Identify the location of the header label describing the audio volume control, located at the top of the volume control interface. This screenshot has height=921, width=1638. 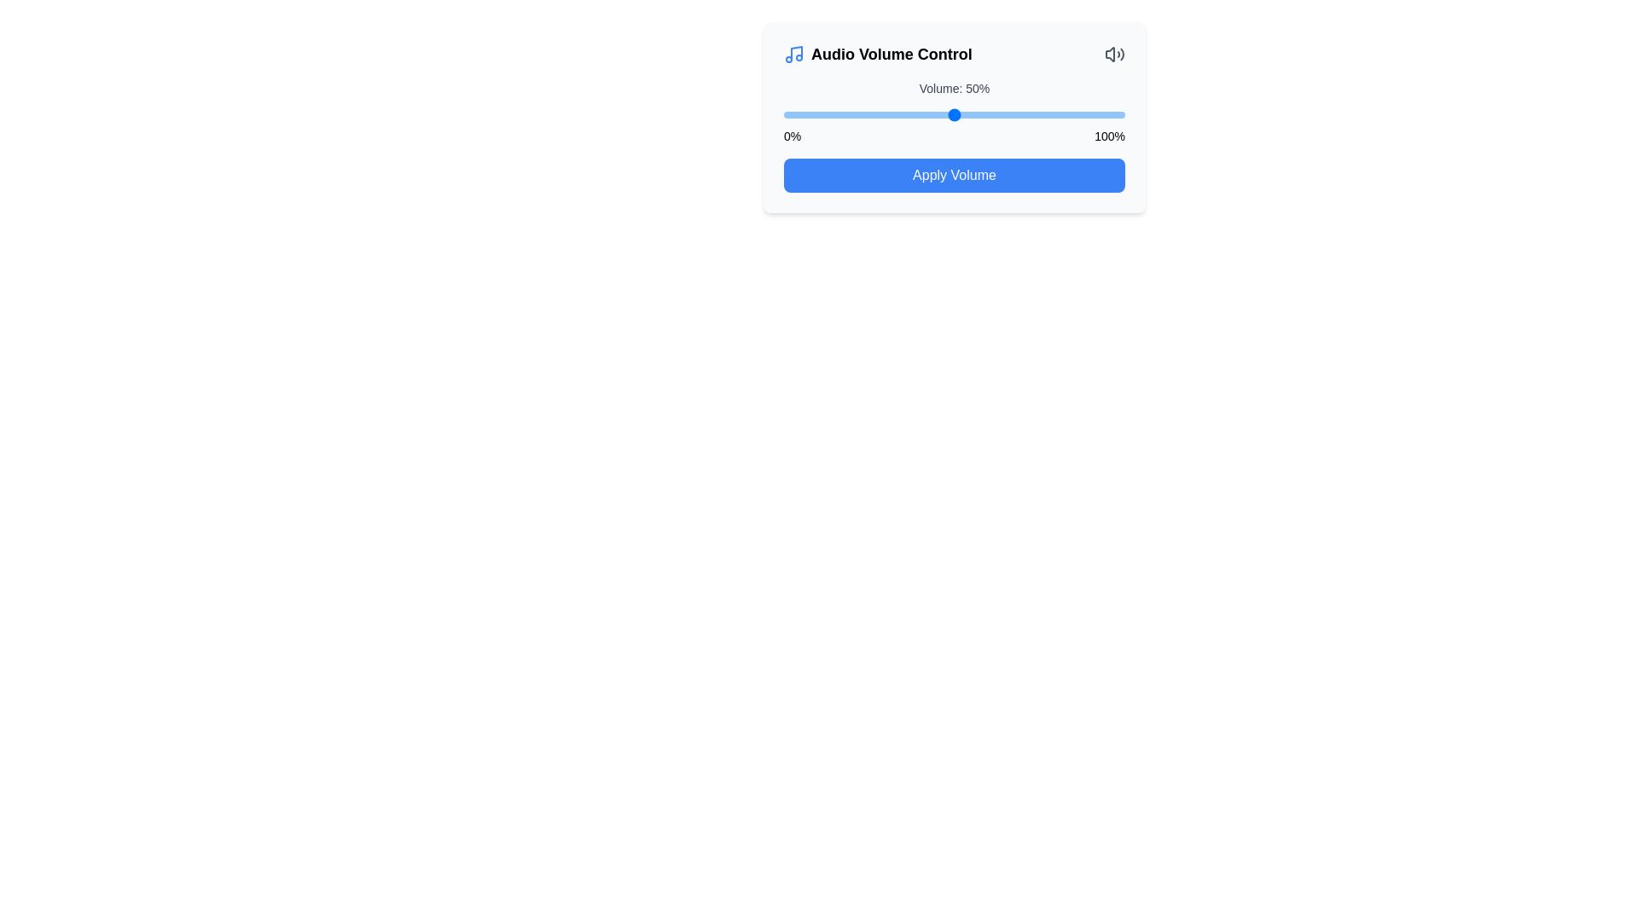
(878, 54).